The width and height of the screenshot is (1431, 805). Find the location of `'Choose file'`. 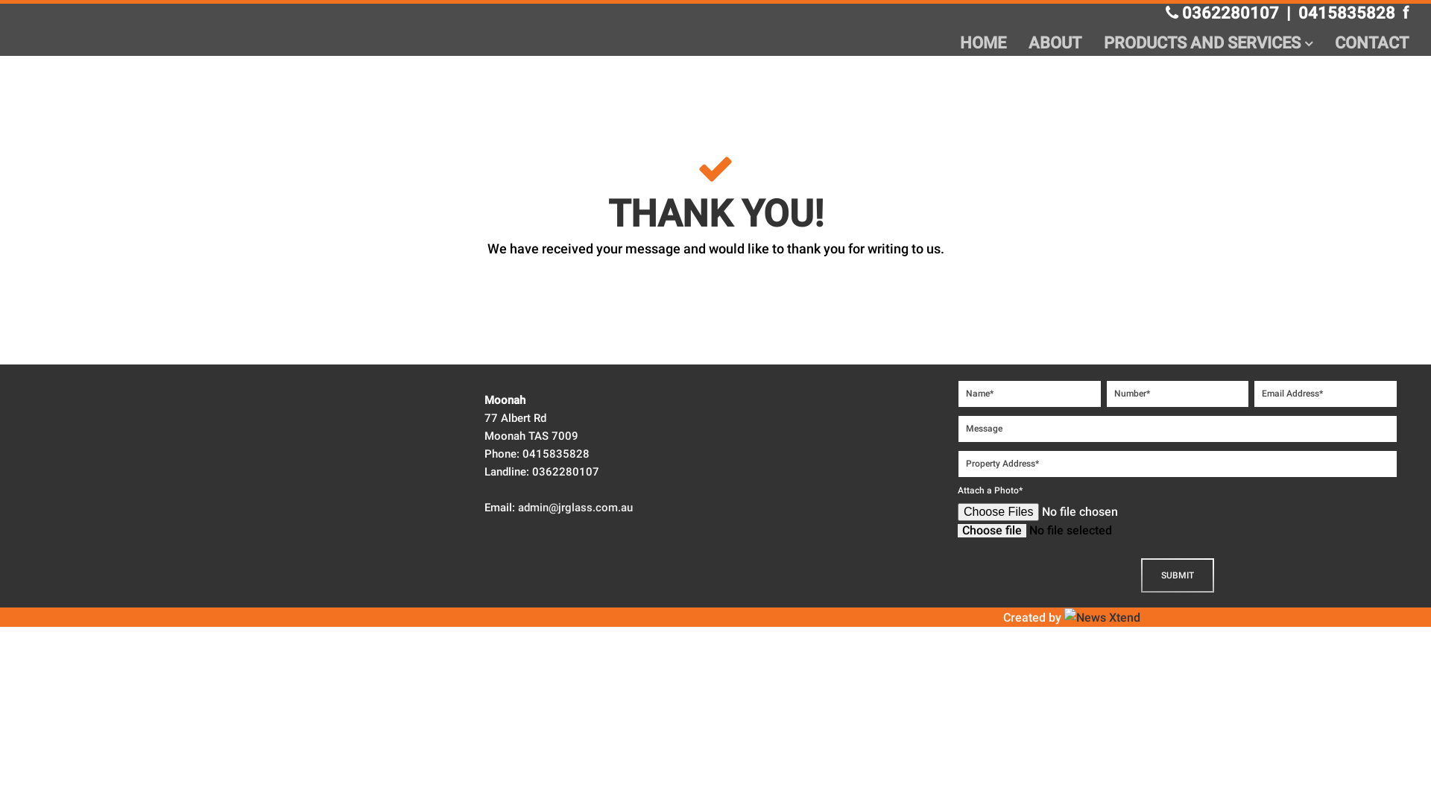

'Choose file' is located at coordinates (991, 530).